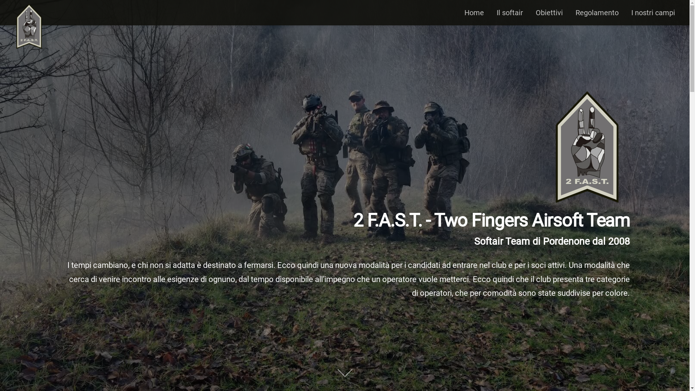  Describe the element at coordinates (474, 12) in the screenshot. I see `'Home'` at that location.